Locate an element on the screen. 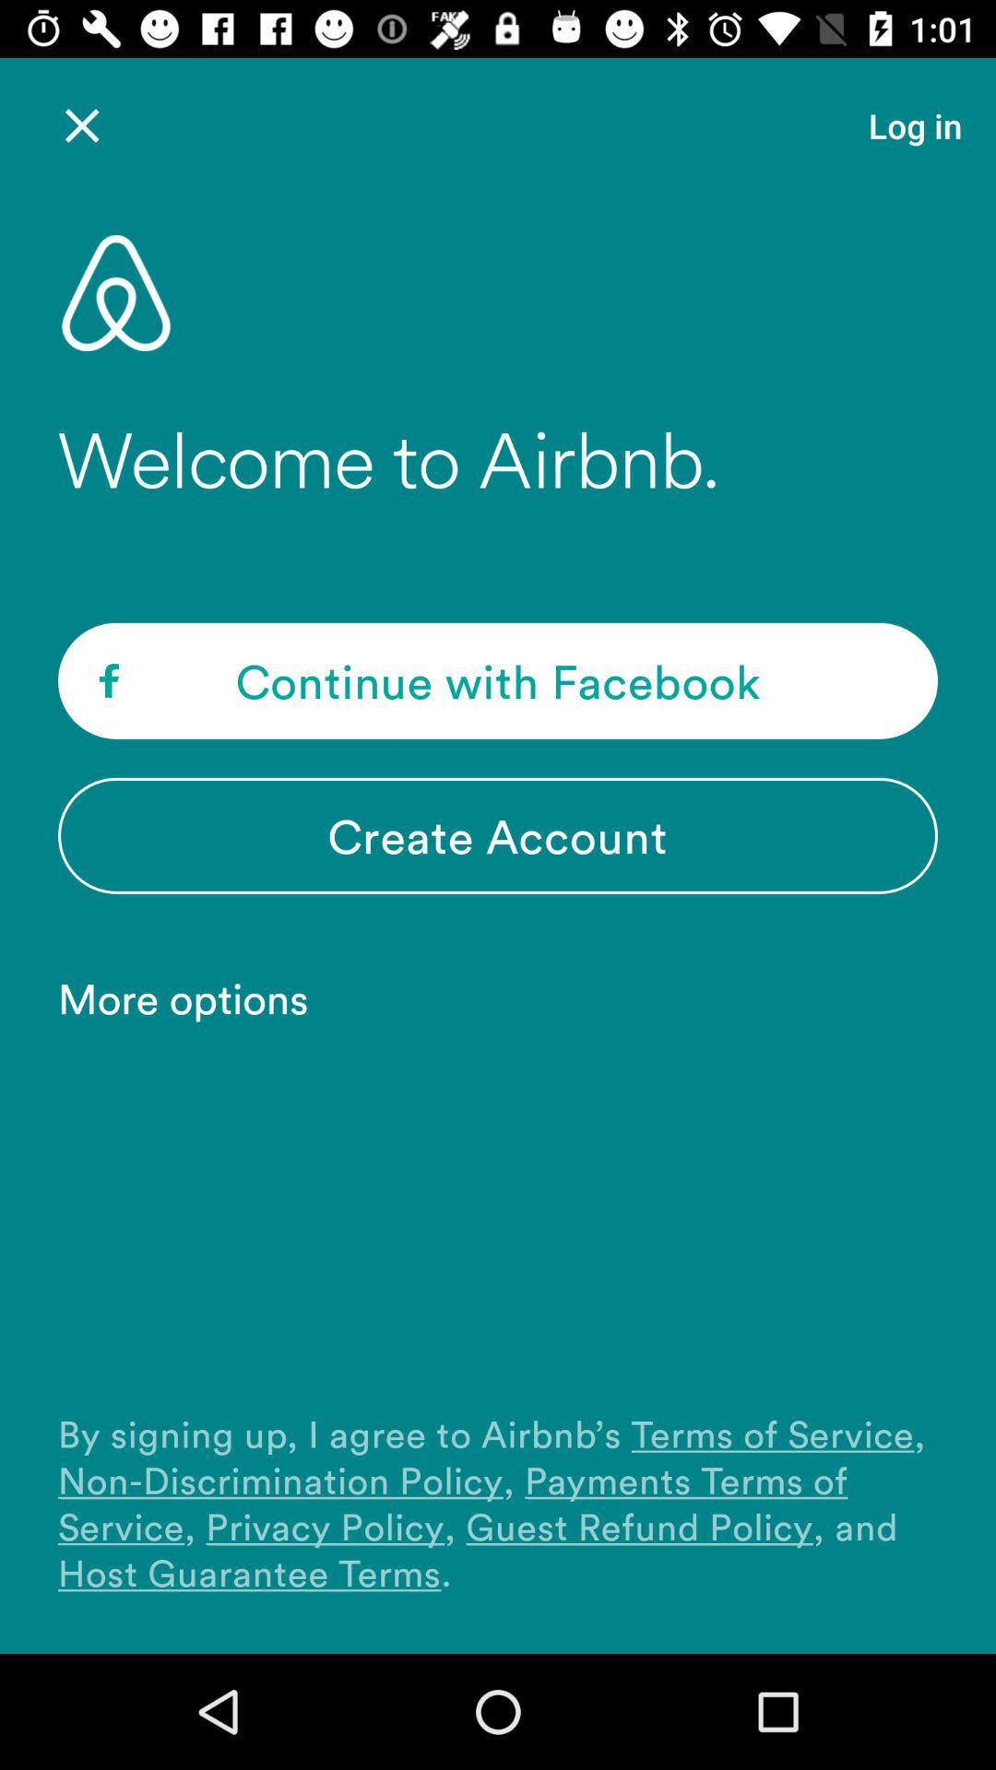 The width and height of the screenshot is (996, 1770). the item below more options item is located at coordinates (498, 1503).